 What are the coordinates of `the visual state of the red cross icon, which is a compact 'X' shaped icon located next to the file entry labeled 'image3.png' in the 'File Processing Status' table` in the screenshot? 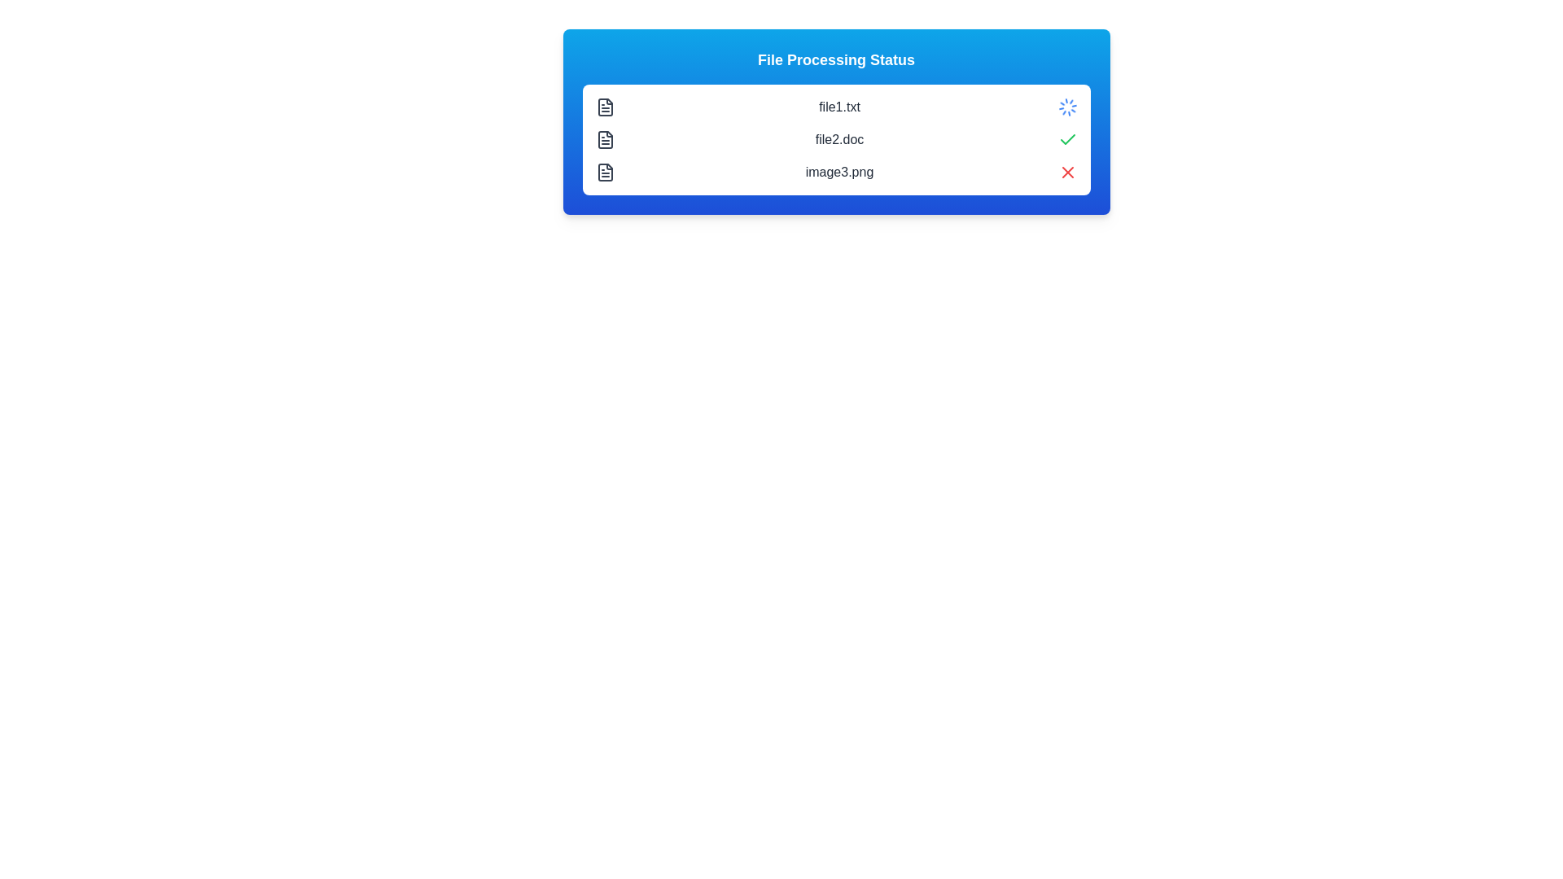 It's located at (1067, 173).